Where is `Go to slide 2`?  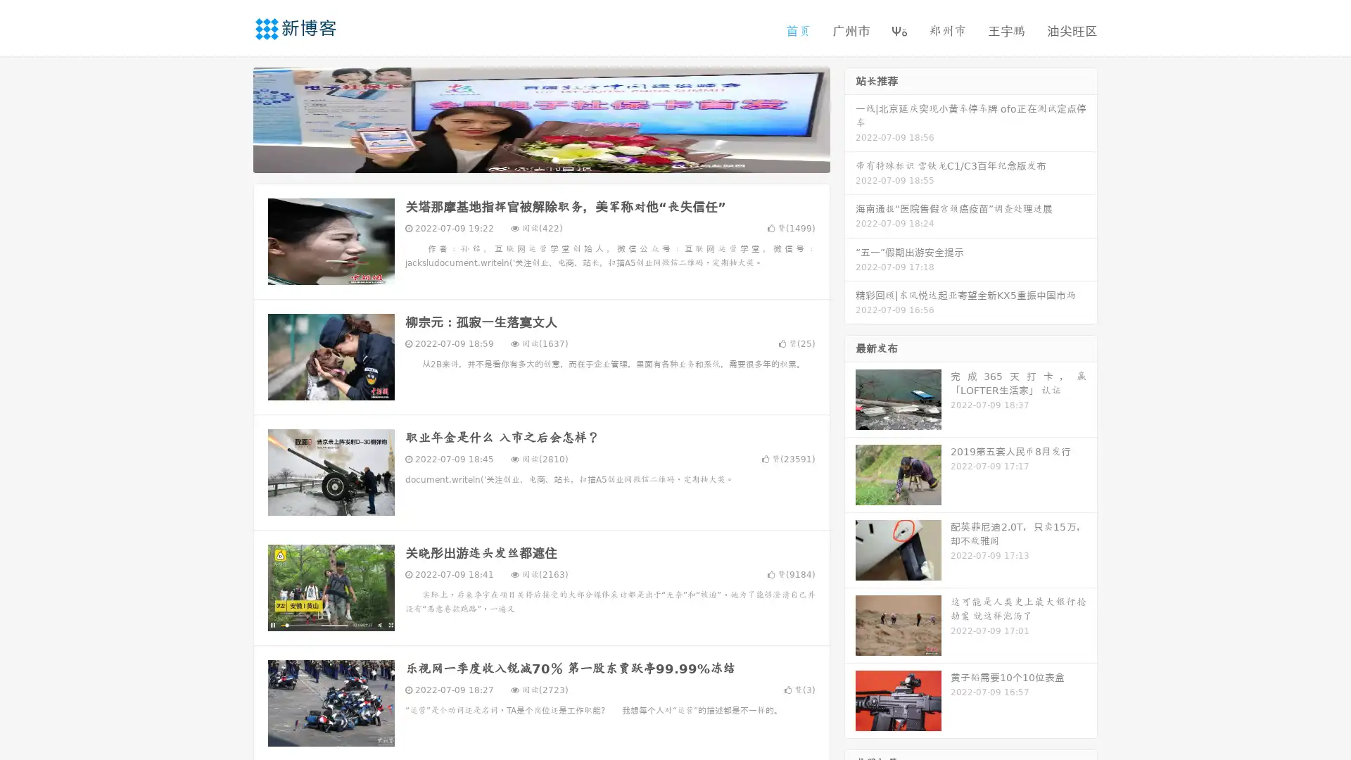
Go to slide 2 is located at coordinates (540, 158).